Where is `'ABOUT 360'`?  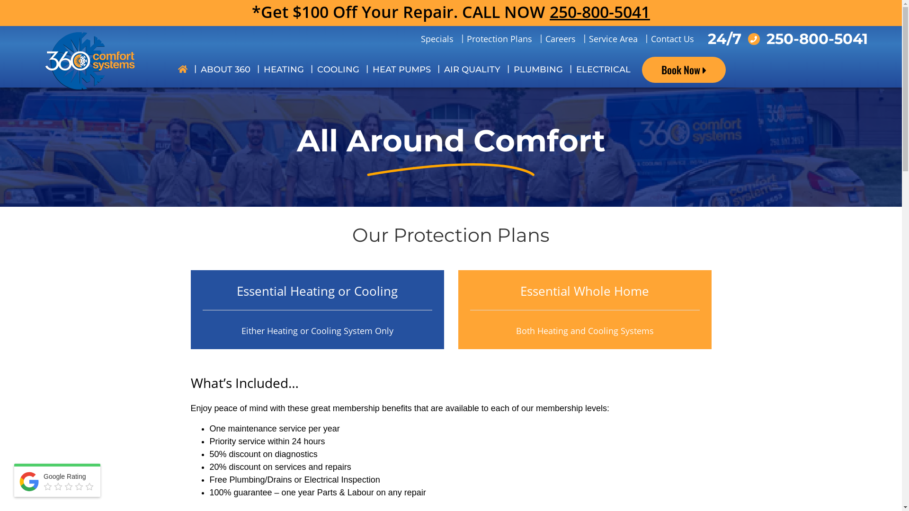
'ABOUT 360' is located at coordinates (193, 69).